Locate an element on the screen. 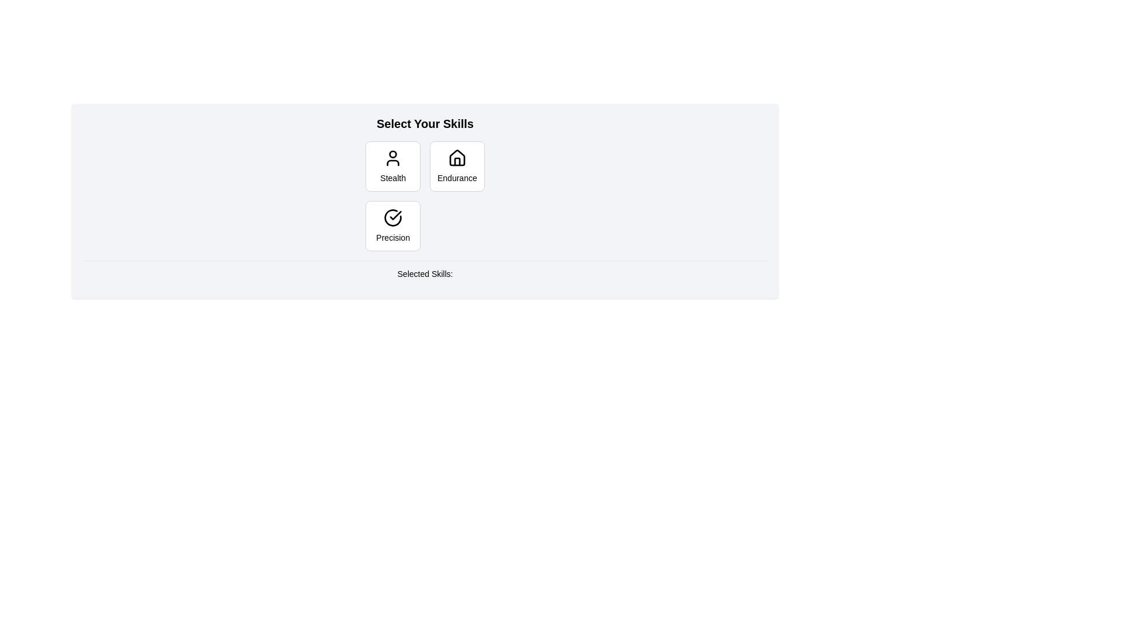 This screenshot has width=1123, height=631. the 'Endurance' skill item in the grid layout is located at coordinates (424, 195).